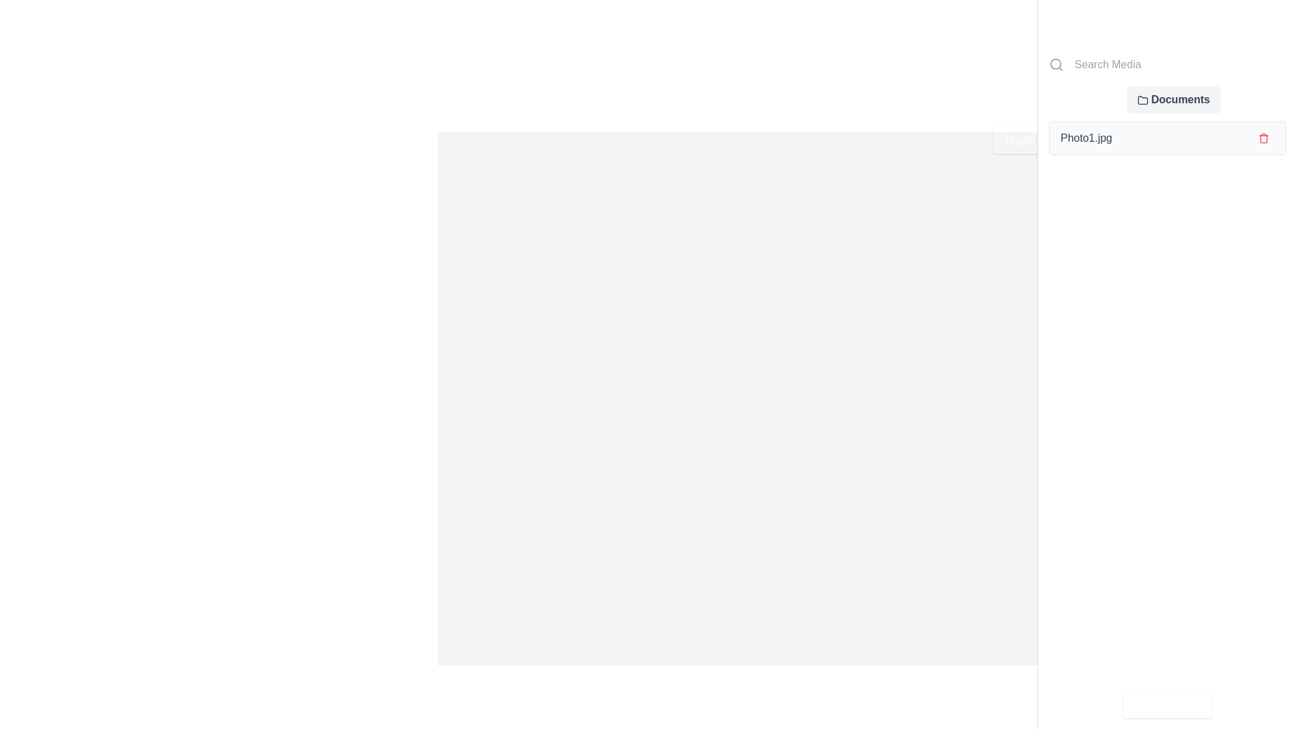 Image resolution: width=1297 pixels, height=729 pixels. Describe the element at coordinates (1055, 64) in the screenshot. I see `the small circle element of the magnifying glass icon, which is indicative of a search function` at that location.